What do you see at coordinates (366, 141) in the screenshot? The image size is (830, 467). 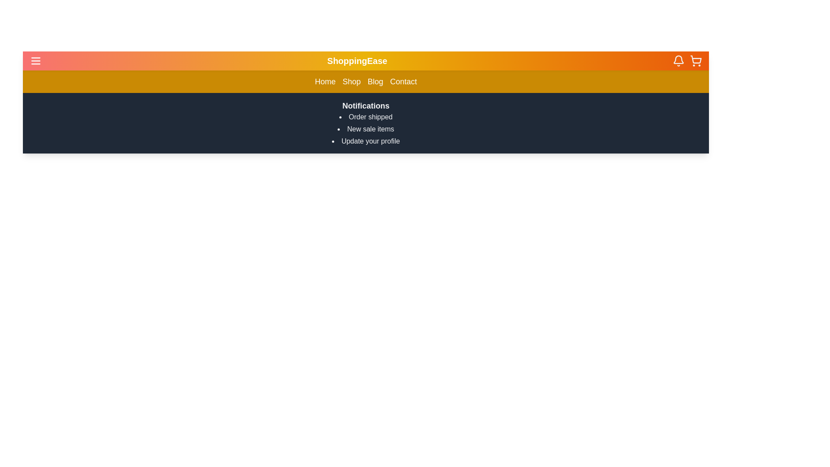 I see `the list item labeled 'Update your profile' which is the third item in the bulleted list under 'Notifications'` at bounding box center [366, 141].